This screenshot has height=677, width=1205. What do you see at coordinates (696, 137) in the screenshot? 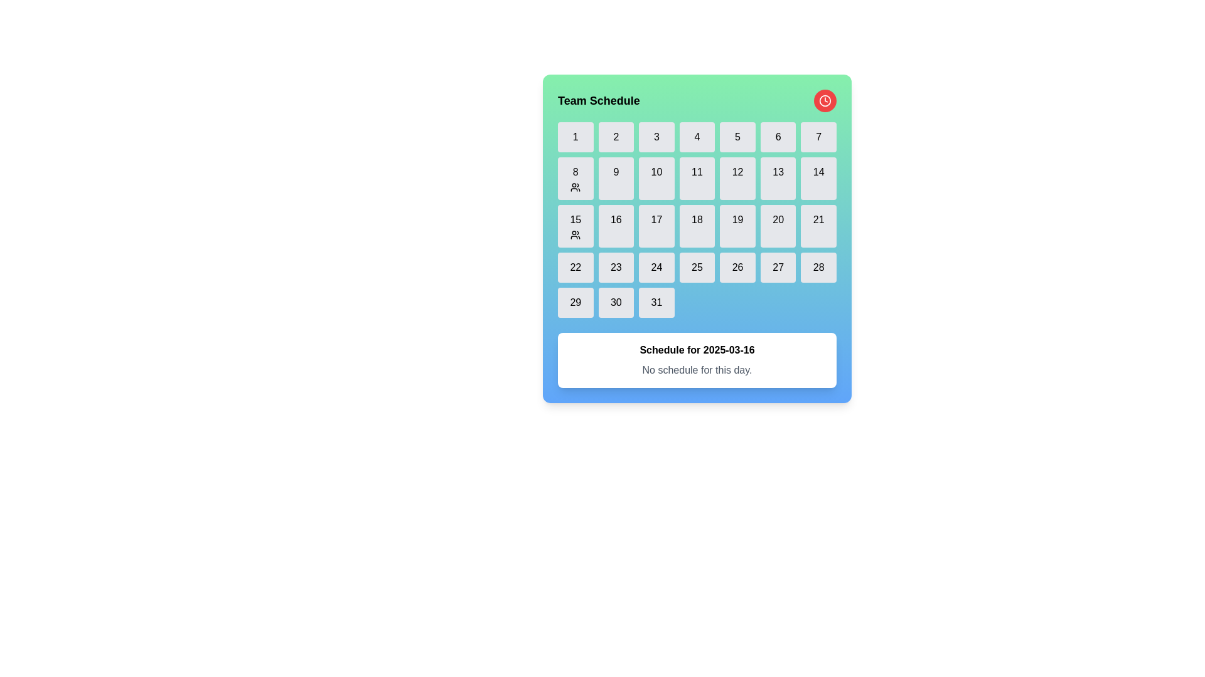
I see `the text element representing the fourth day of the month in the calendar grid, located in the first row, fourth column` at bounding box center [696, 137].